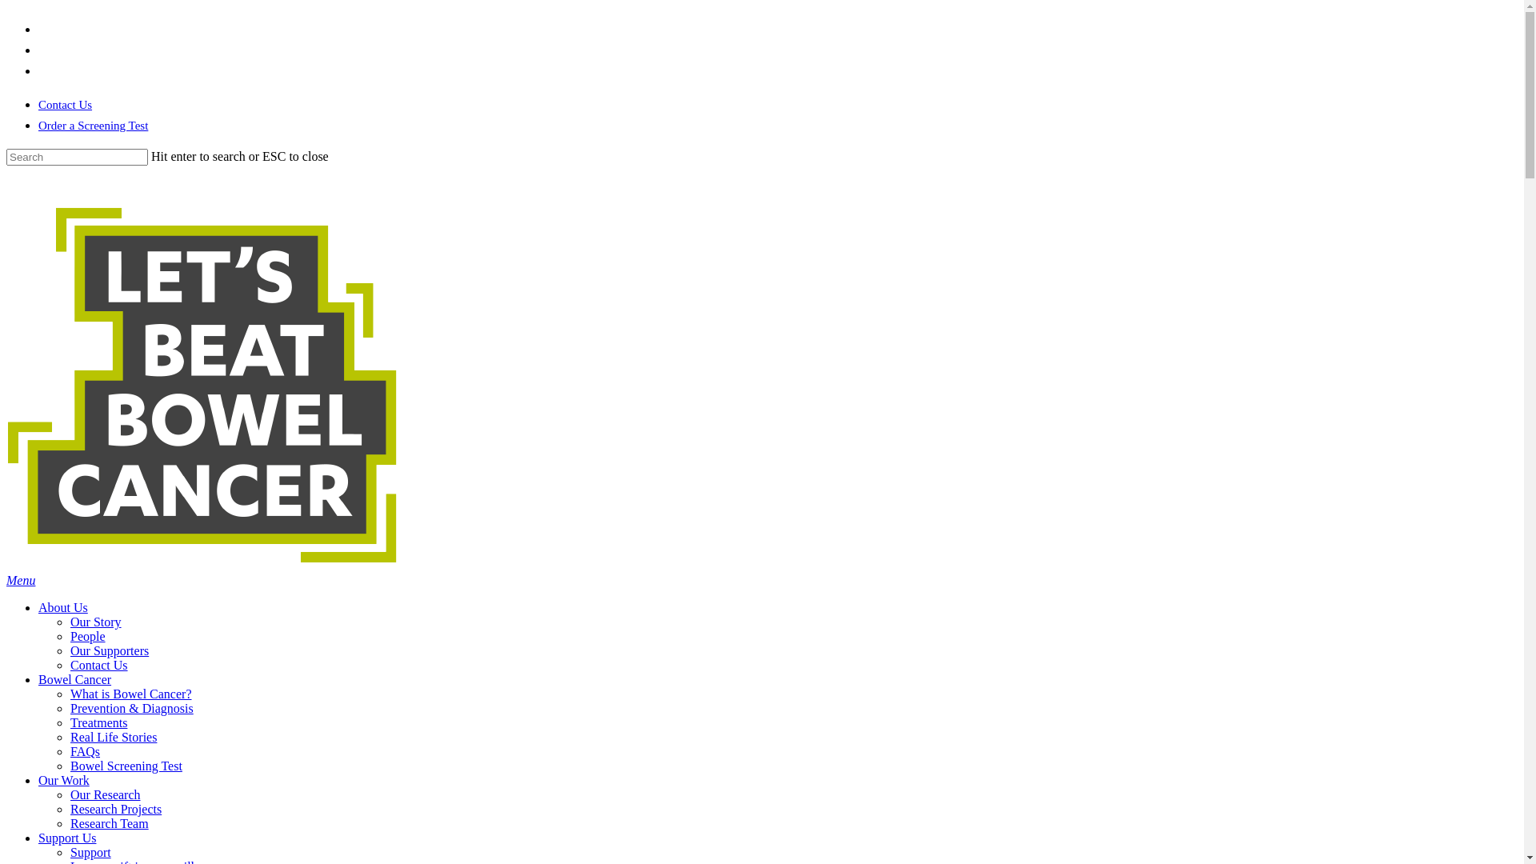 Image resolution: width=1536 pixels, height=864 pixels. I want to click on 'Order a Screening Test', so click(38, 125).